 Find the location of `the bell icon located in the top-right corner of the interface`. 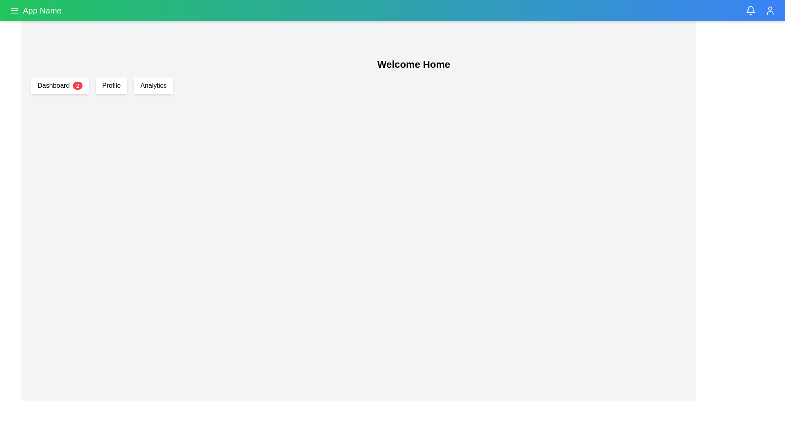

the bell icon located in the top-right corner of the interface is located at coordinates (751, 11).